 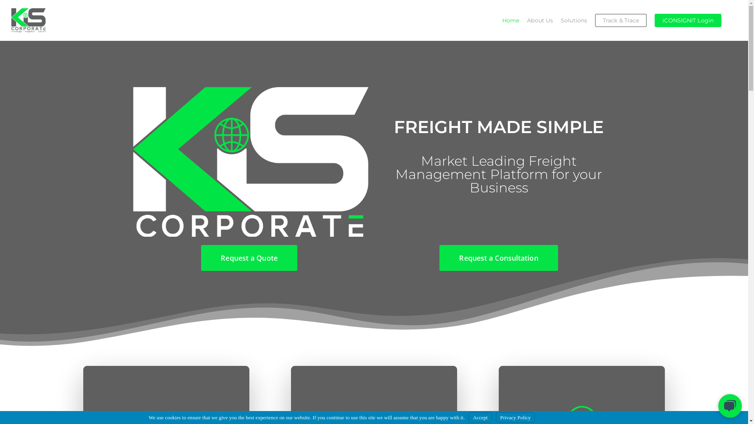 I want to click on 'iCONSIGNIT Login', so click(x=688, y=20).